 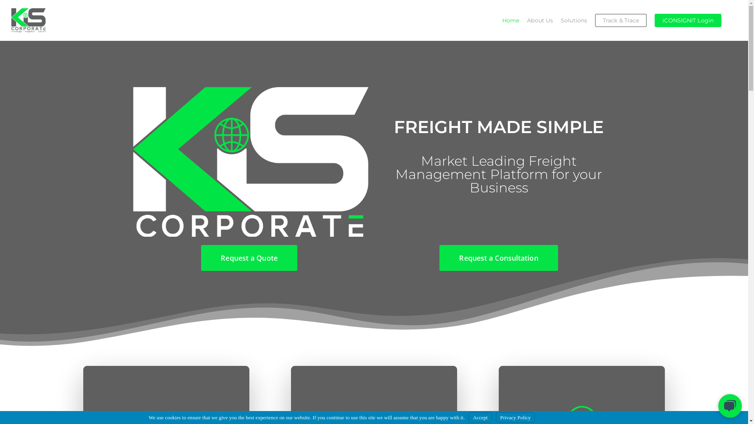 I want to click on 'iCONSIGNIT Login', so click(x=688, y=20).